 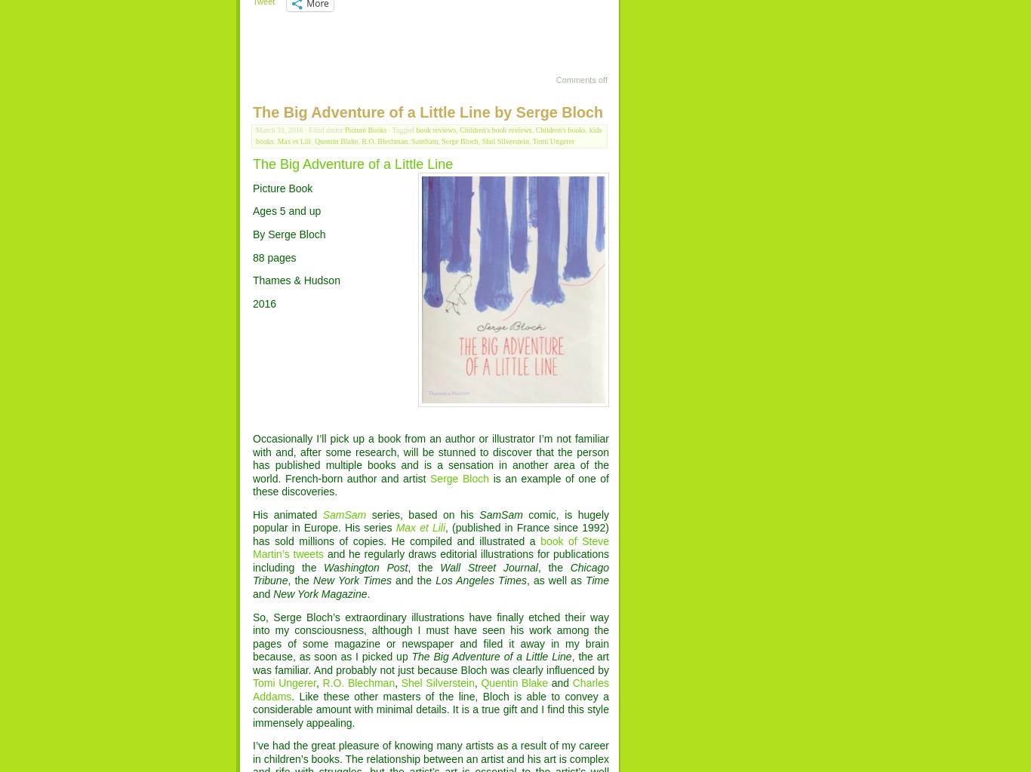 I want to click on 'Charles Addams', so click(x=429, y=688).